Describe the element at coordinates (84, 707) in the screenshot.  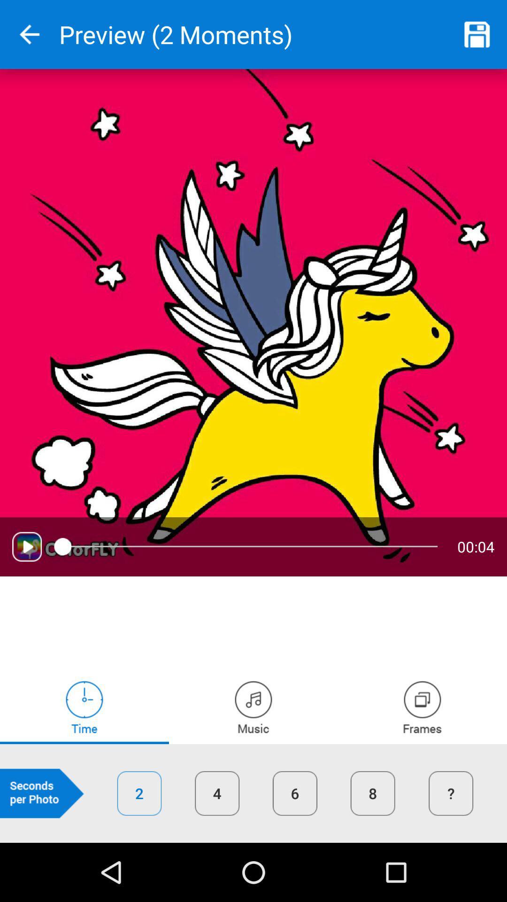
I see `adjust play time` at that location.